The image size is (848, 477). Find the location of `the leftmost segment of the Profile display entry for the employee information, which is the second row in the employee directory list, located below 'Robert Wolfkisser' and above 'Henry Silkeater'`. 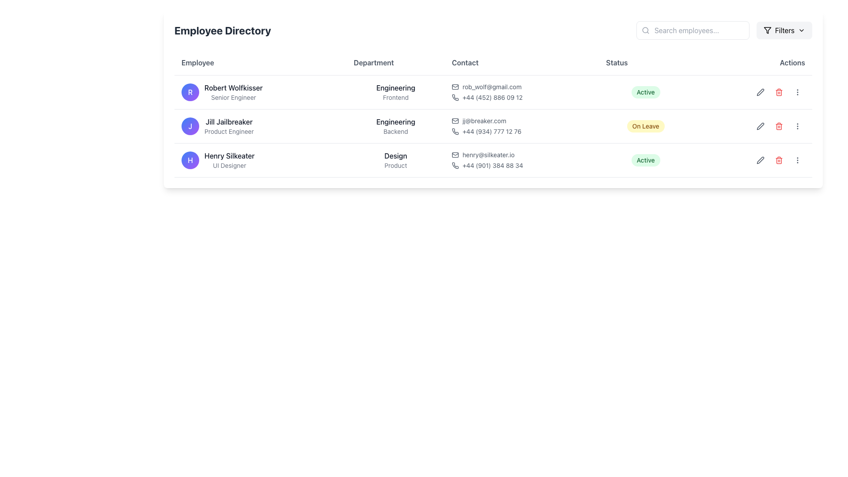

the leftmost segment of the Profile display entry for the employee information, which is the second row in the employee directory list, located below 'Robert Wolfkisser' and above 'Henry Silkeater' is located at coordinates (260, 126).